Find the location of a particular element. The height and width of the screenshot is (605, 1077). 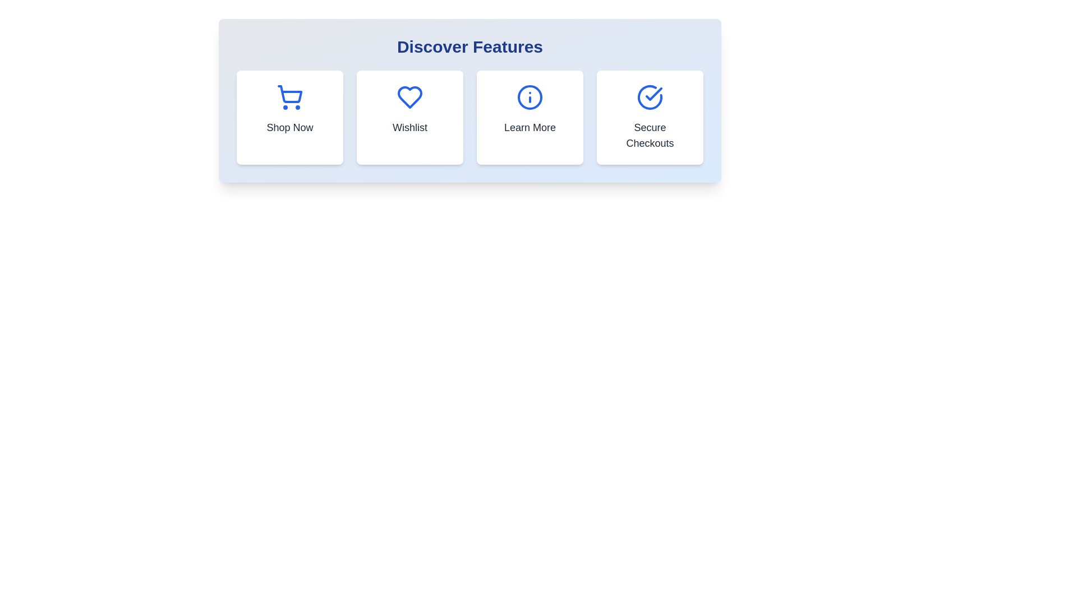

the SVG icon representing secure checkouts, which is the fourth icon in a horizontal group of four icons located in the 'Discover Features' section is located at coordinates (650, 96).